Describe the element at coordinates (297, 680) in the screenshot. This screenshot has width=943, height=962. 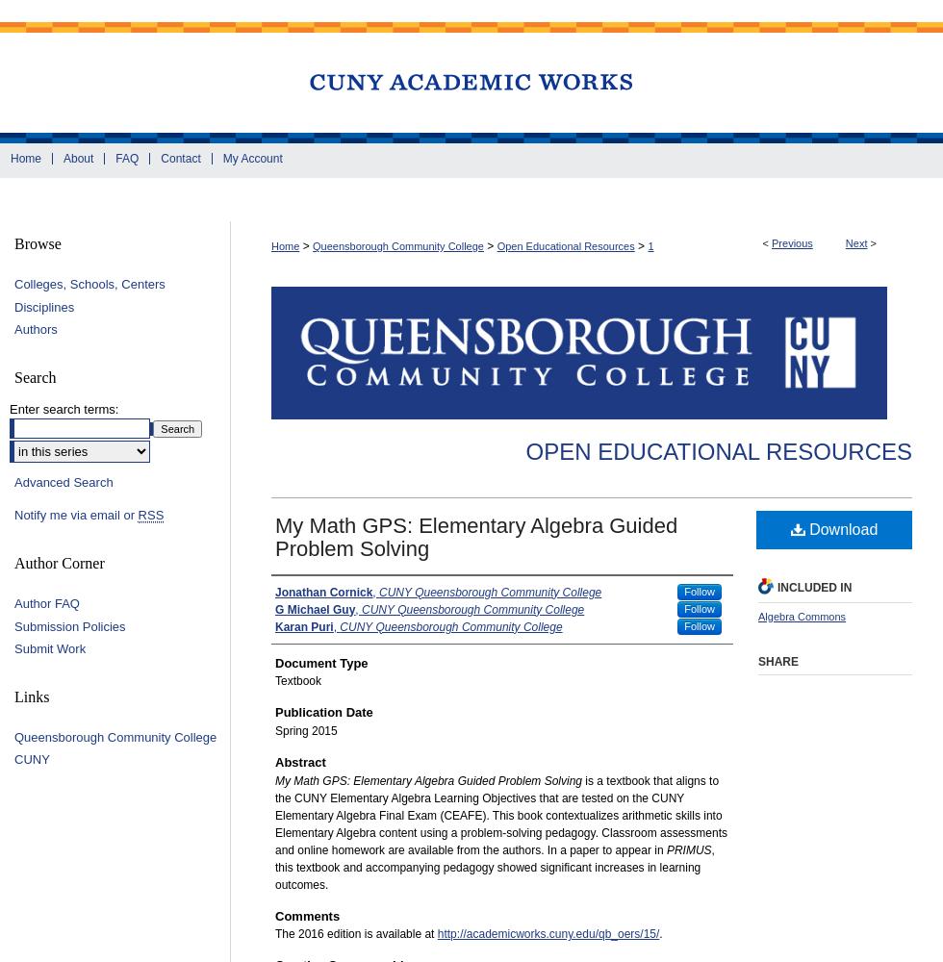
I see `'Textbook'` at that location.